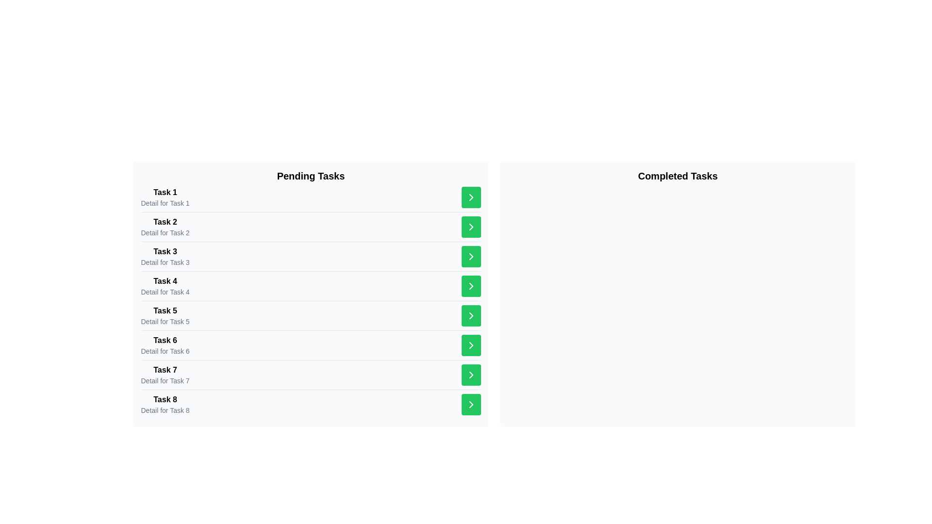  I want to click on the green rectangular button with rounded corners featuring a right-pointing arrow icon, located in the 'Pending Tasks' section under 'Task 5 Detail for Task 5', so click(471, 316).